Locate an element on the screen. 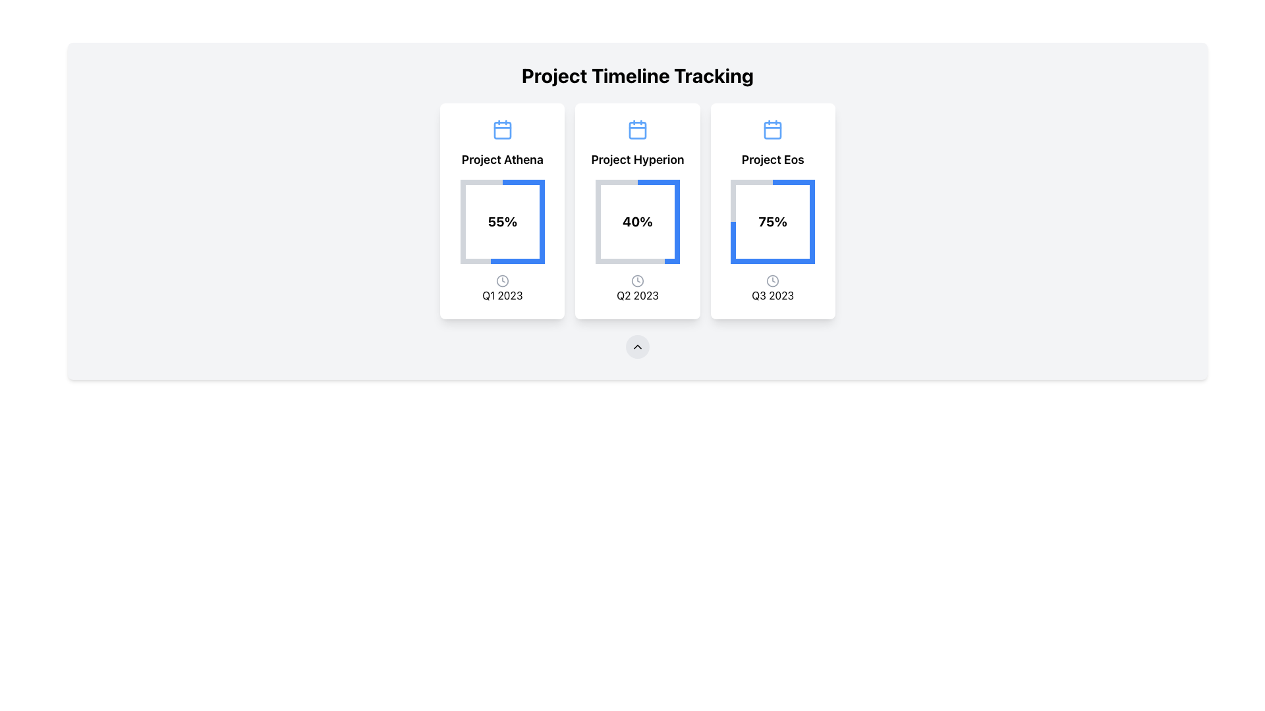  the text label that serves as the title for the associated card, located at the top section of the rightmost card in a row of three cards, directly below a small calendar icon is located at coordinates (773, 159).